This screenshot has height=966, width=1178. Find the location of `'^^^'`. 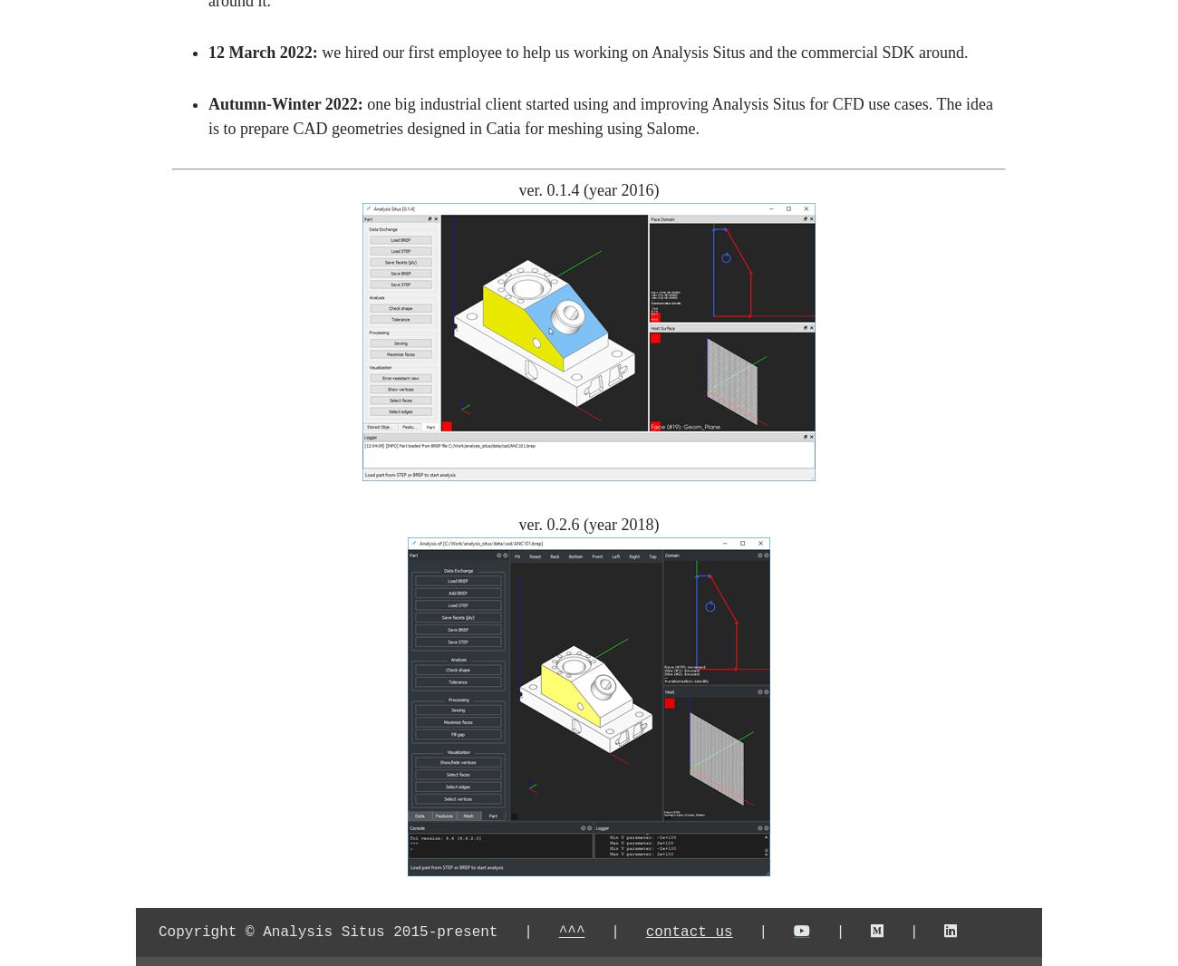

'^^^' is located at coordinates (571, 932).